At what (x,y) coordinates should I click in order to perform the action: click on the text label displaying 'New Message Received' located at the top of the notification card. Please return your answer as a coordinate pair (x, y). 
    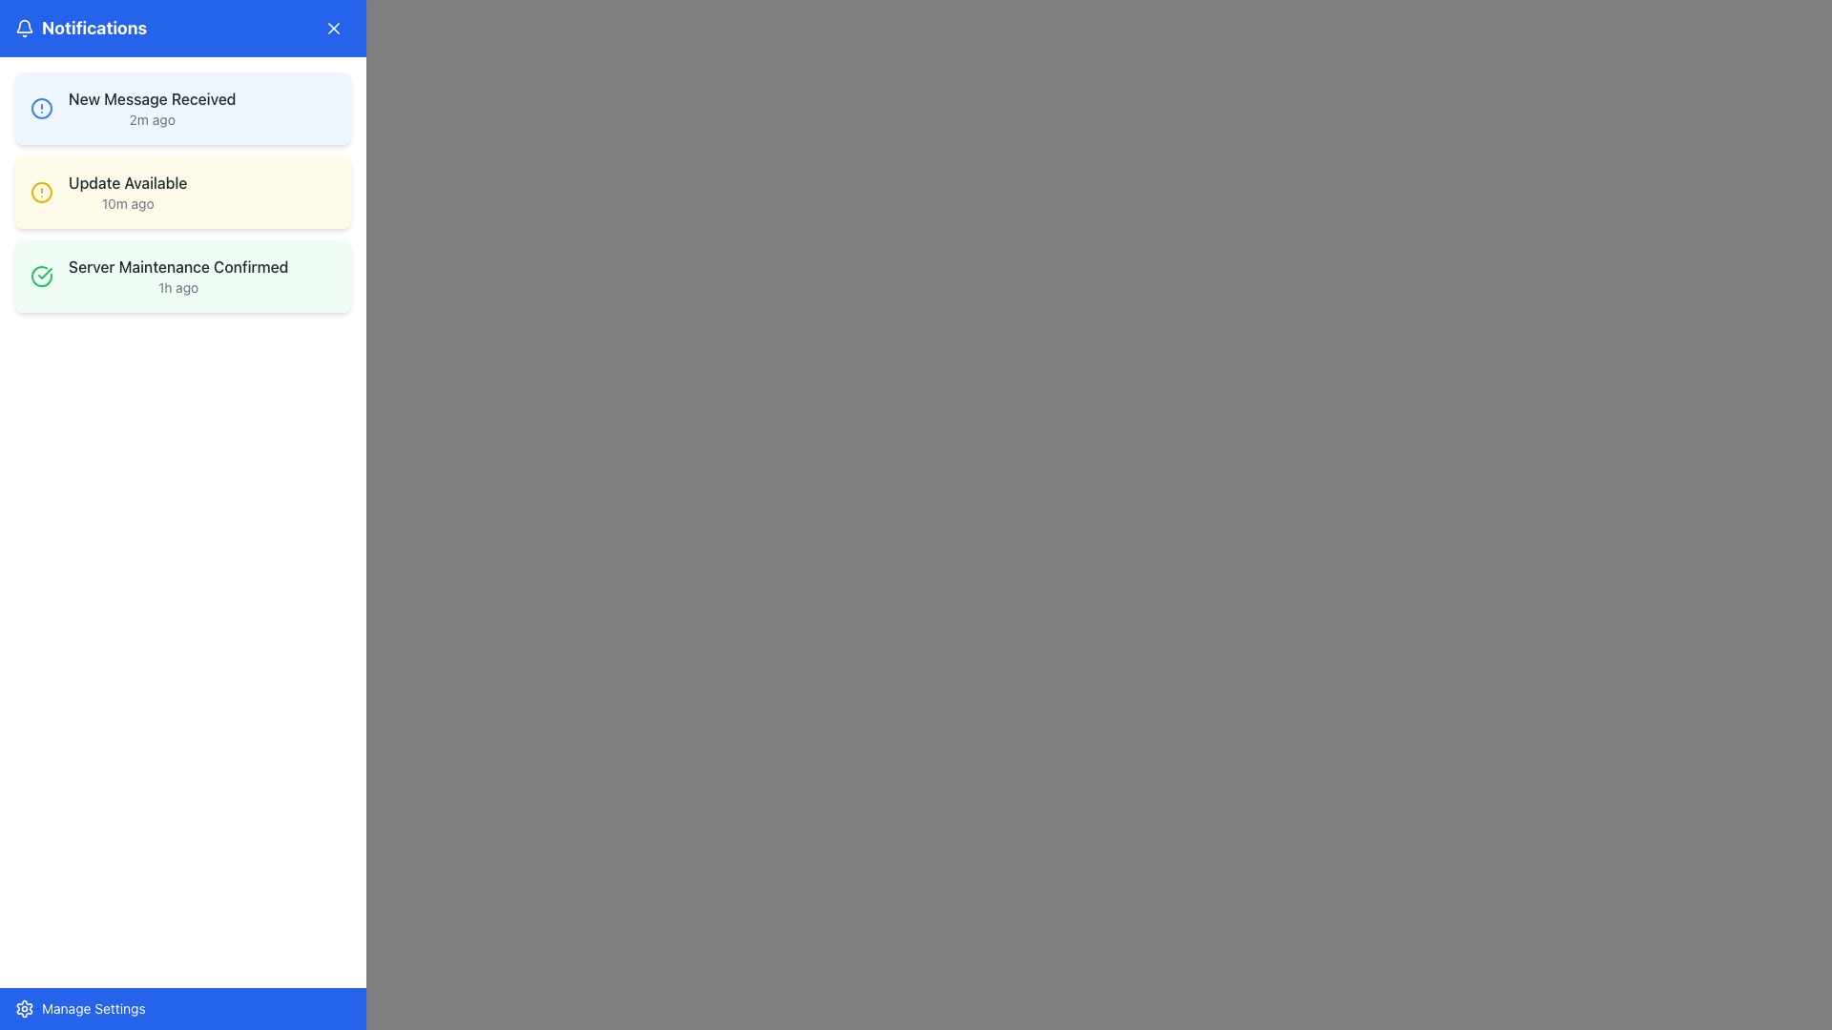
    Looking at the image, I should click on (151, 99).